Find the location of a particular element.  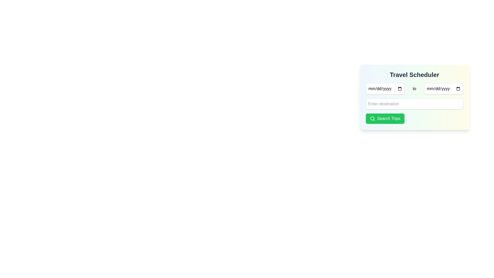

the decorative SVG circle component that is part of the magnifying glass icon within the 'Search Trips' button is located at coordinates (372, 118).